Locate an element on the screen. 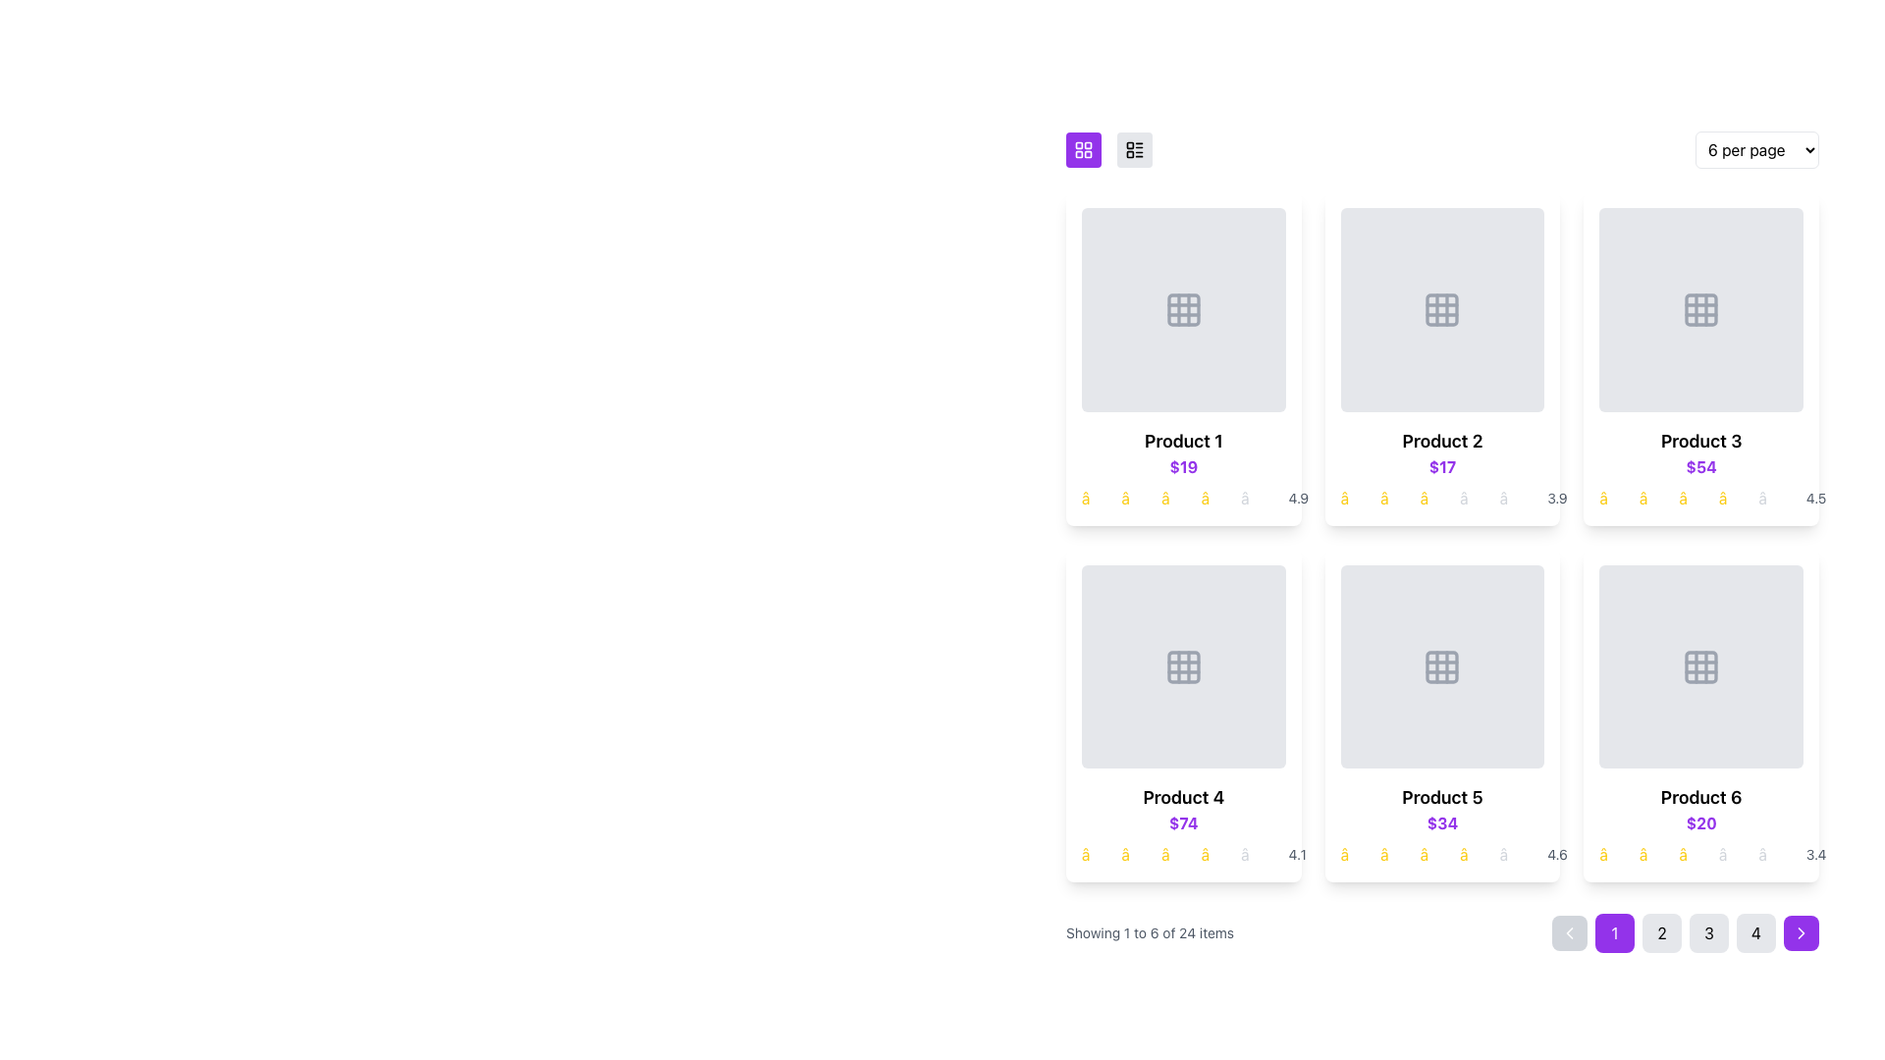 This screenshot has height=1060, width=1885. the button with a rightward chevron icon located in the bottom-right corner of the navigation bar to trigger a tooltip or highlight effect is located at coordinates (1801, 932).